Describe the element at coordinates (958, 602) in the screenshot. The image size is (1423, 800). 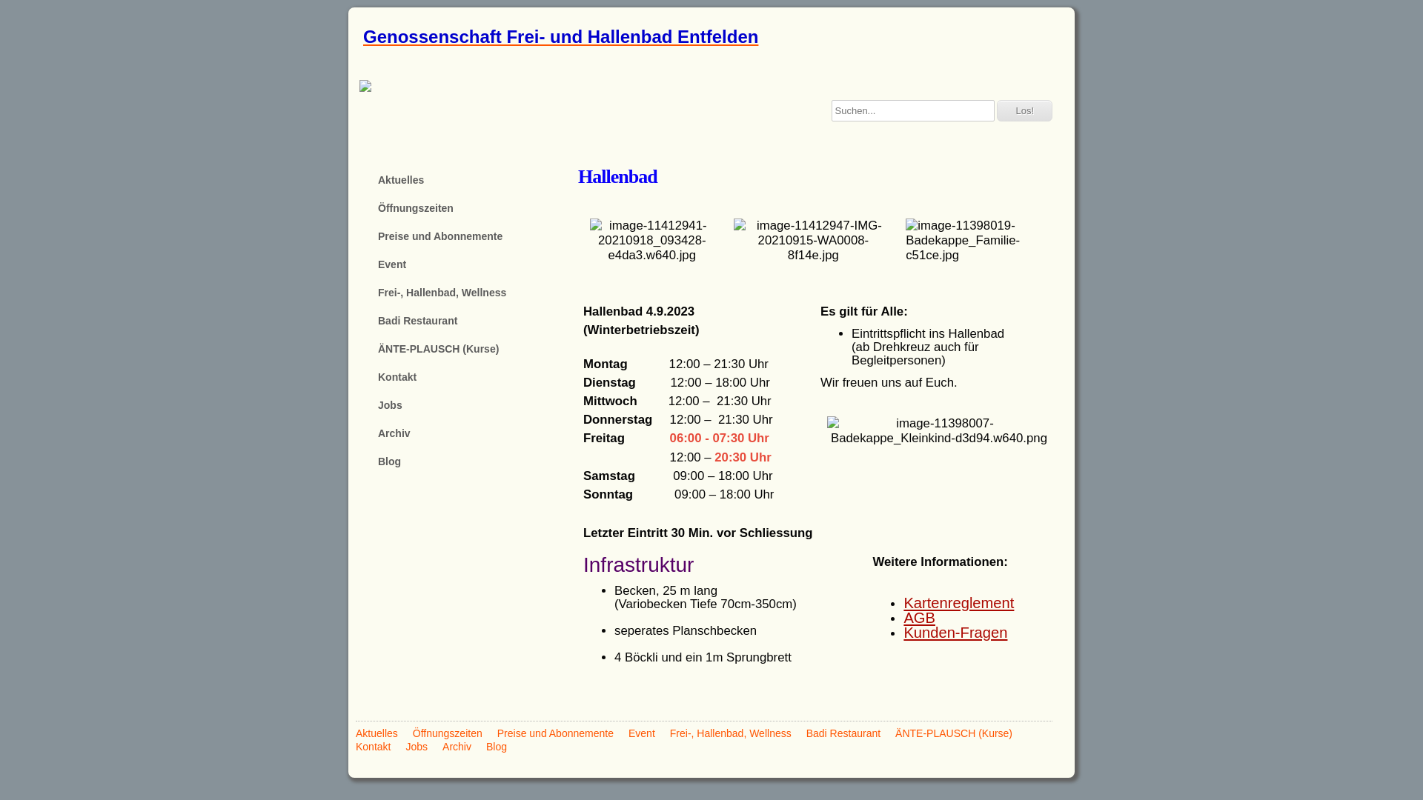
I see `'Kartenreglement'` at that location.